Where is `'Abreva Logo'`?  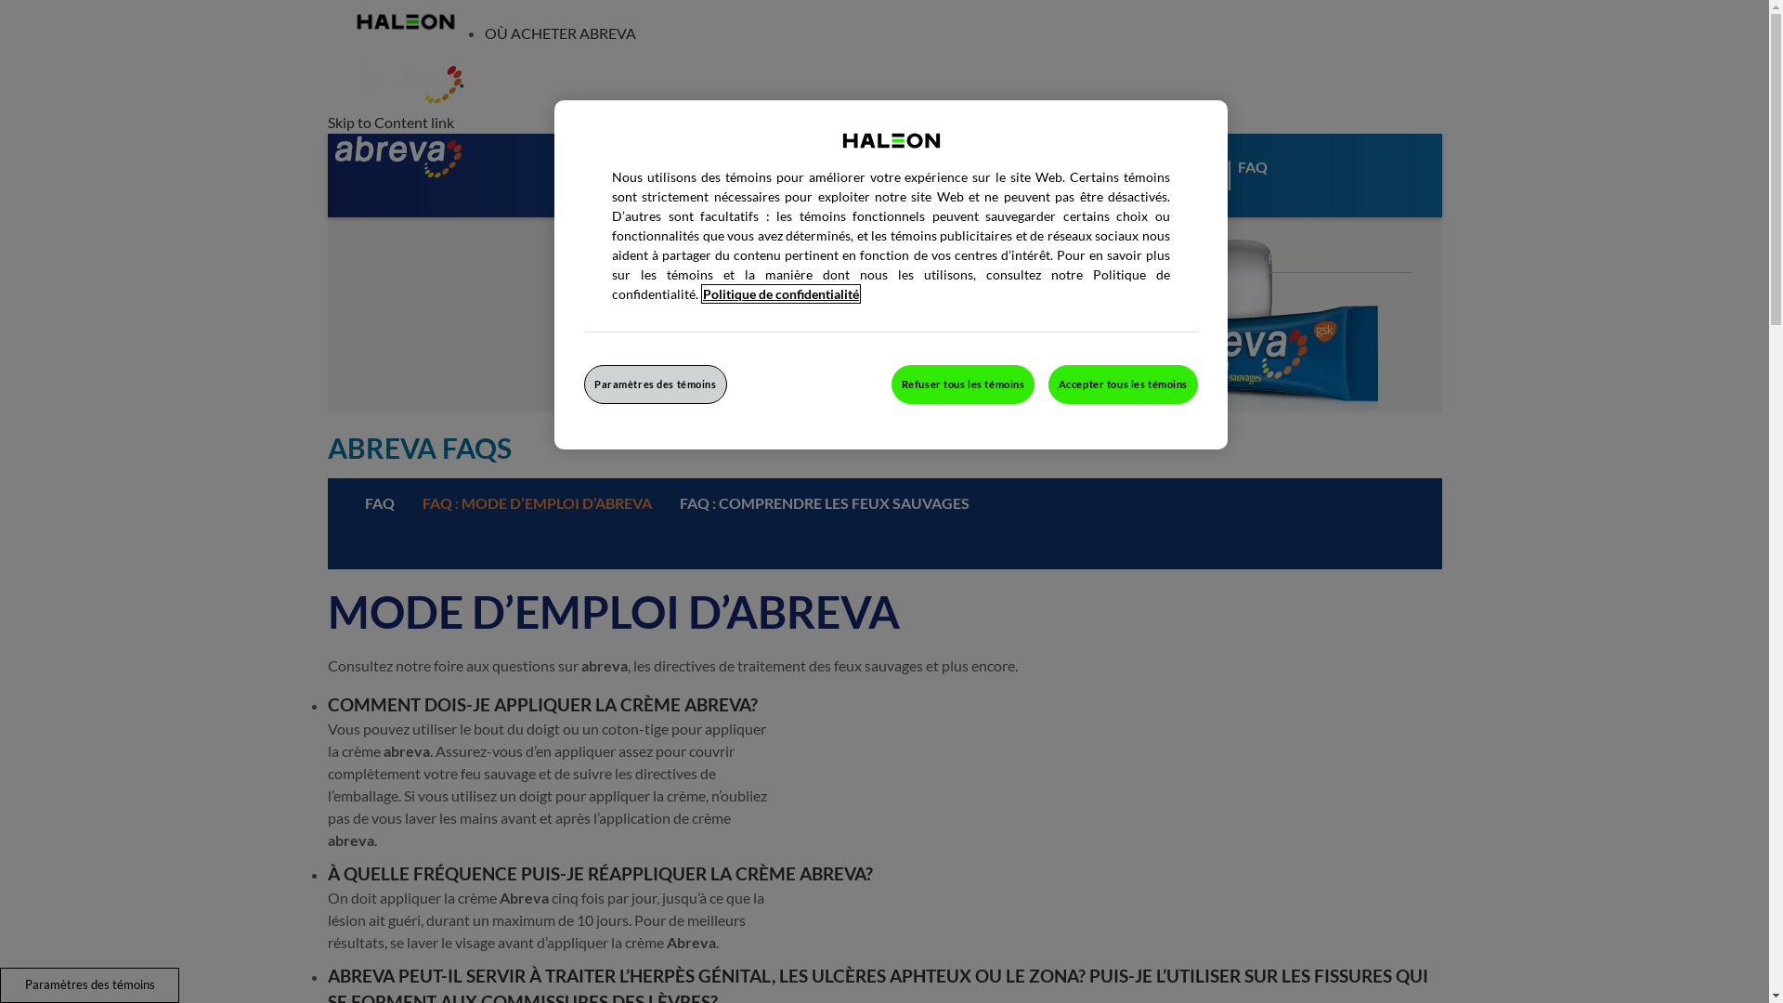
'Abreva Logo' is located at coordinates (397, 156).